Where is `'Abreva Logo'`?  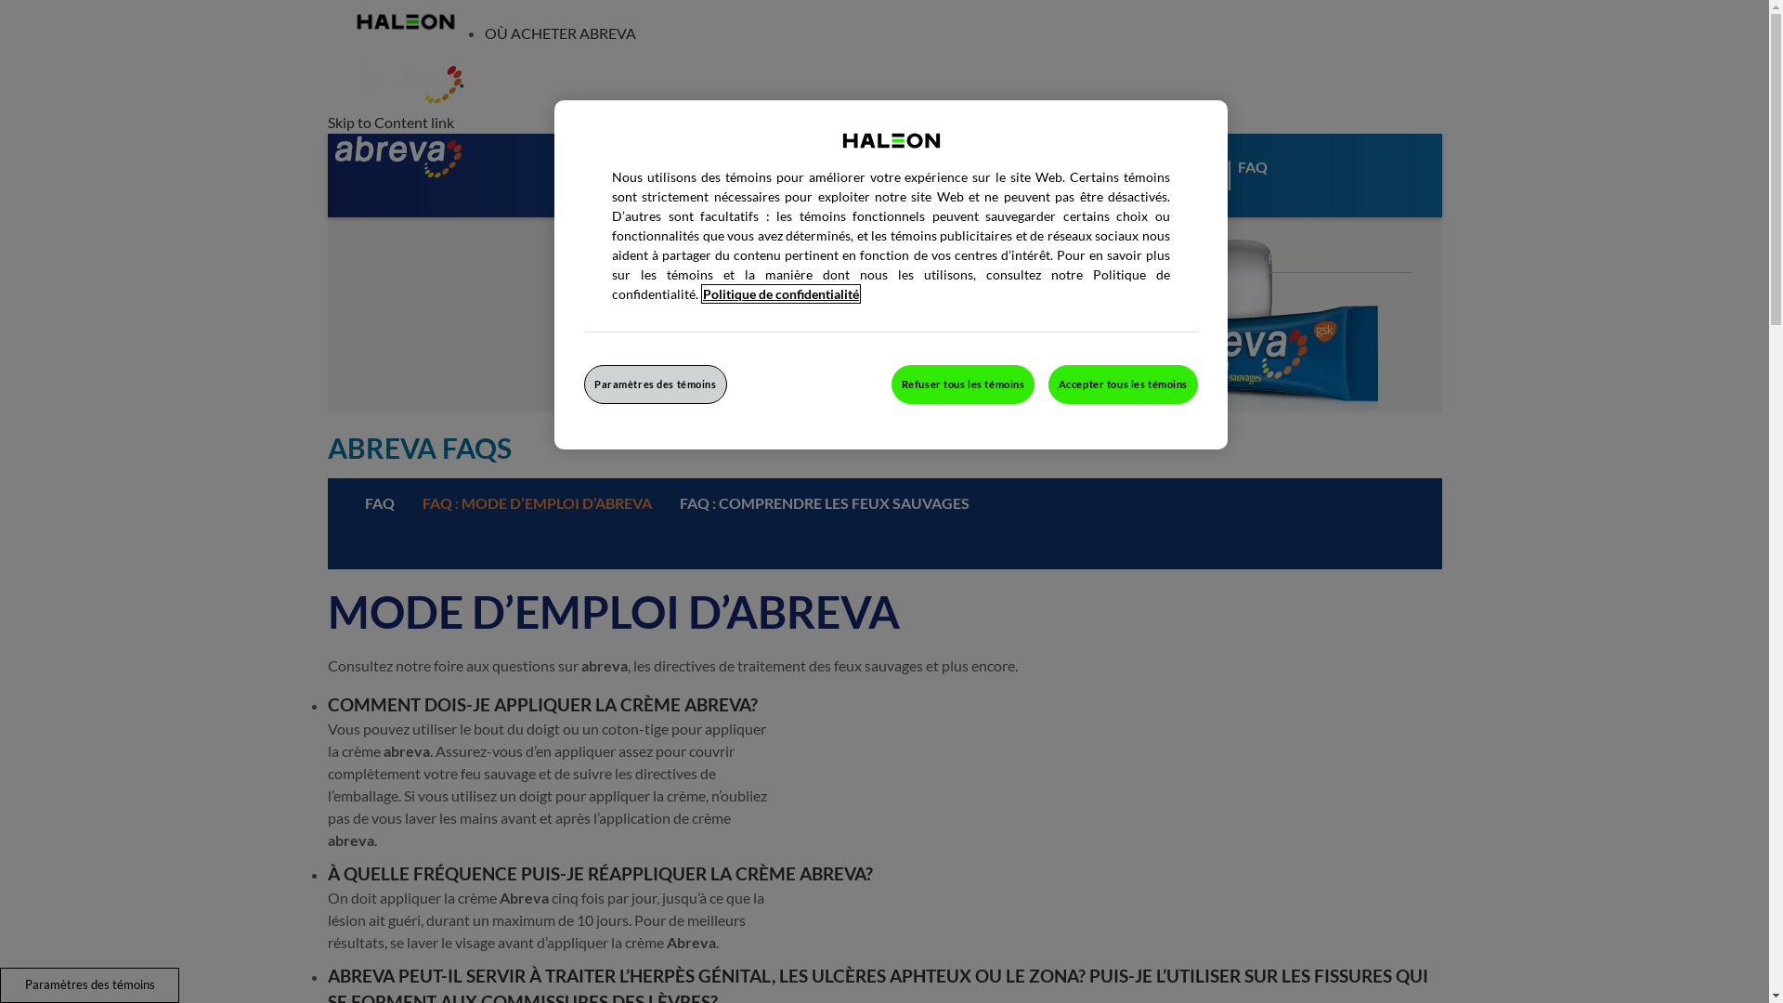
'Abreva Logo' is located at coordinates (397, 156).